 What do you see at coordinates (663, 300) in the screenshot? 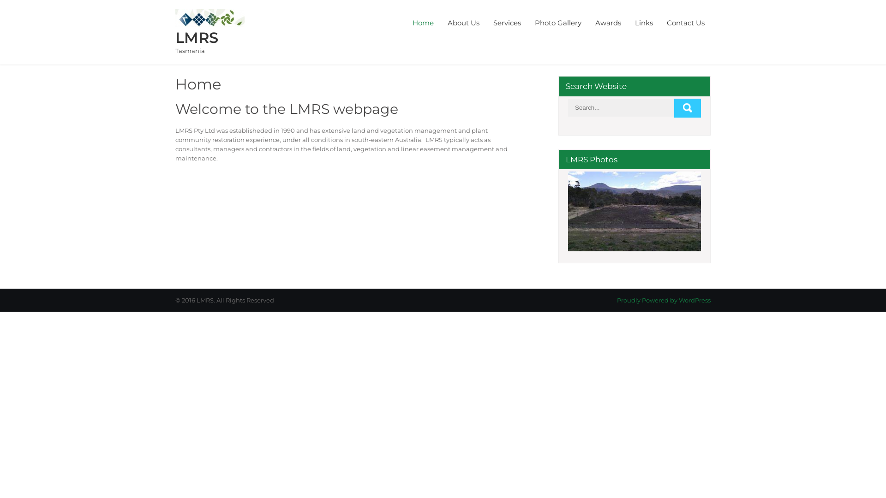
I see `'Proudly Powered by WordPress'` at bounding box center [663, 300].